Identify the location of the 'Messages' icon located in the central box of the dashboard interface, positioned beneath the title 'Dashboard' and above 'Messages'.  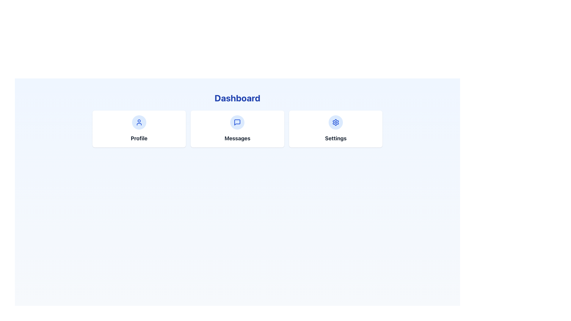
(237, 122).